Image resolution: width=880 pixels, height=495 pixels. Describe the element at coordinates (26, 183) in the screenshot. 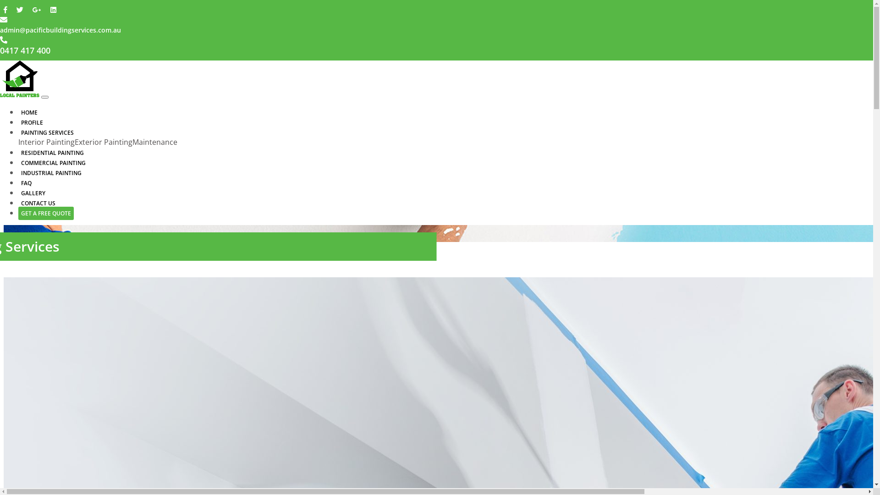

I see `'FAQ'` at that location.